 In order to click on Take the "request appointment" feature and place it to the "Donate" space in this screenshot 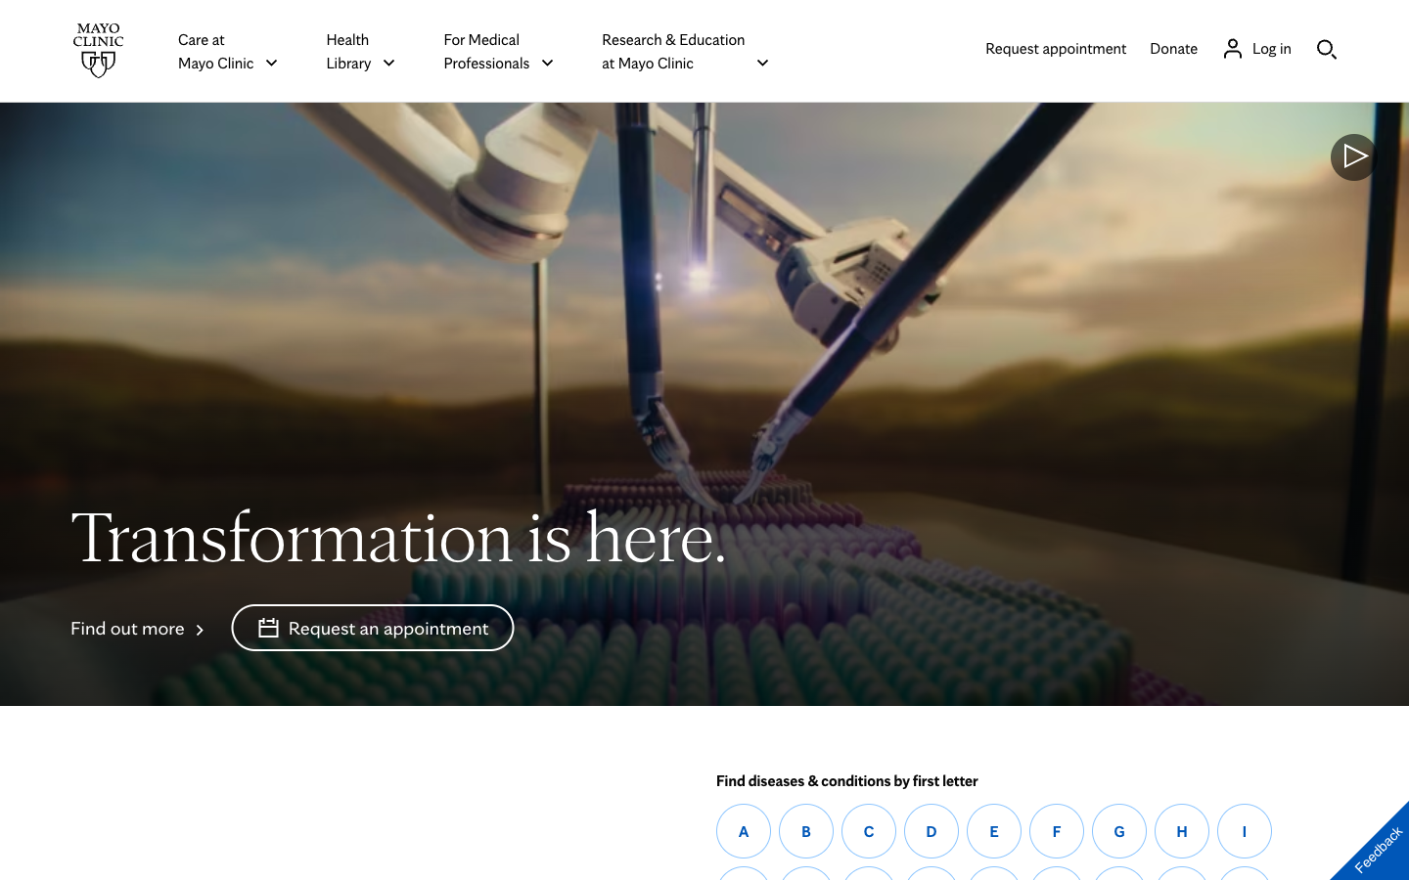, I will do `click(1520311, 43120)`.